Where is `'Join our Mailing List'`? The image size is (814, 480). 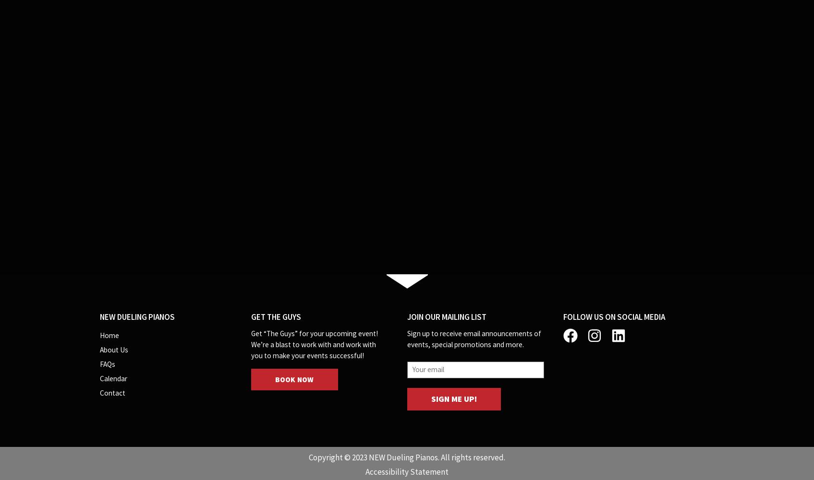 'Join our Mailing List' is located at coordinates (446, 316).